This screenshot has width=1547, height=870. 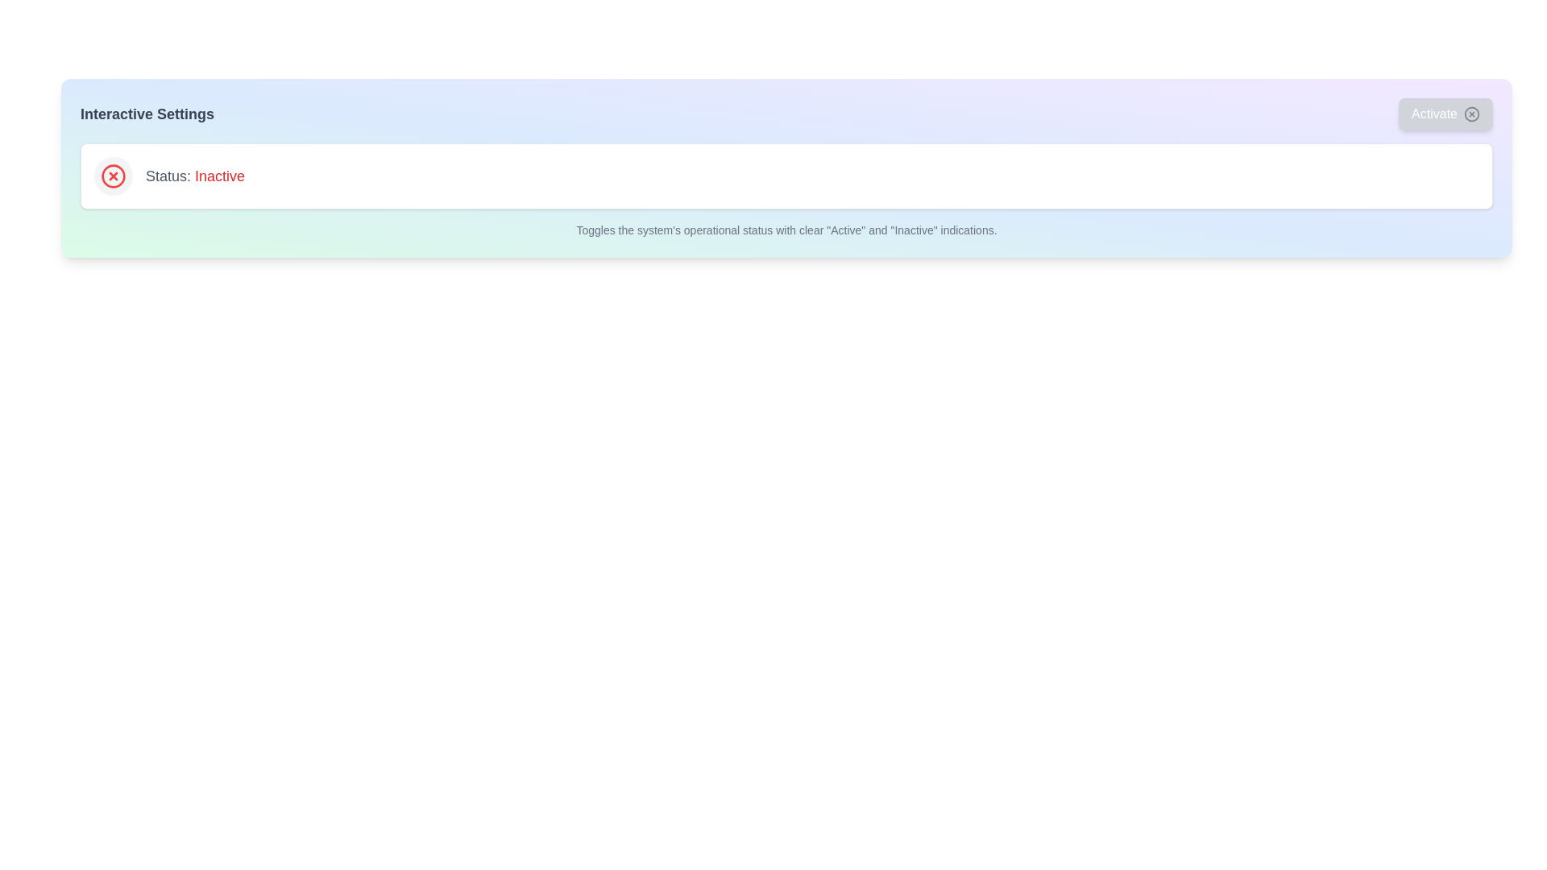 What do you see at coordinates (112, 176) in the screenshot?
I see `the small circular button with a gray background and a red cross icon located to the left of the text 'Status: Inactive.'` at bounding box center [112, 176].